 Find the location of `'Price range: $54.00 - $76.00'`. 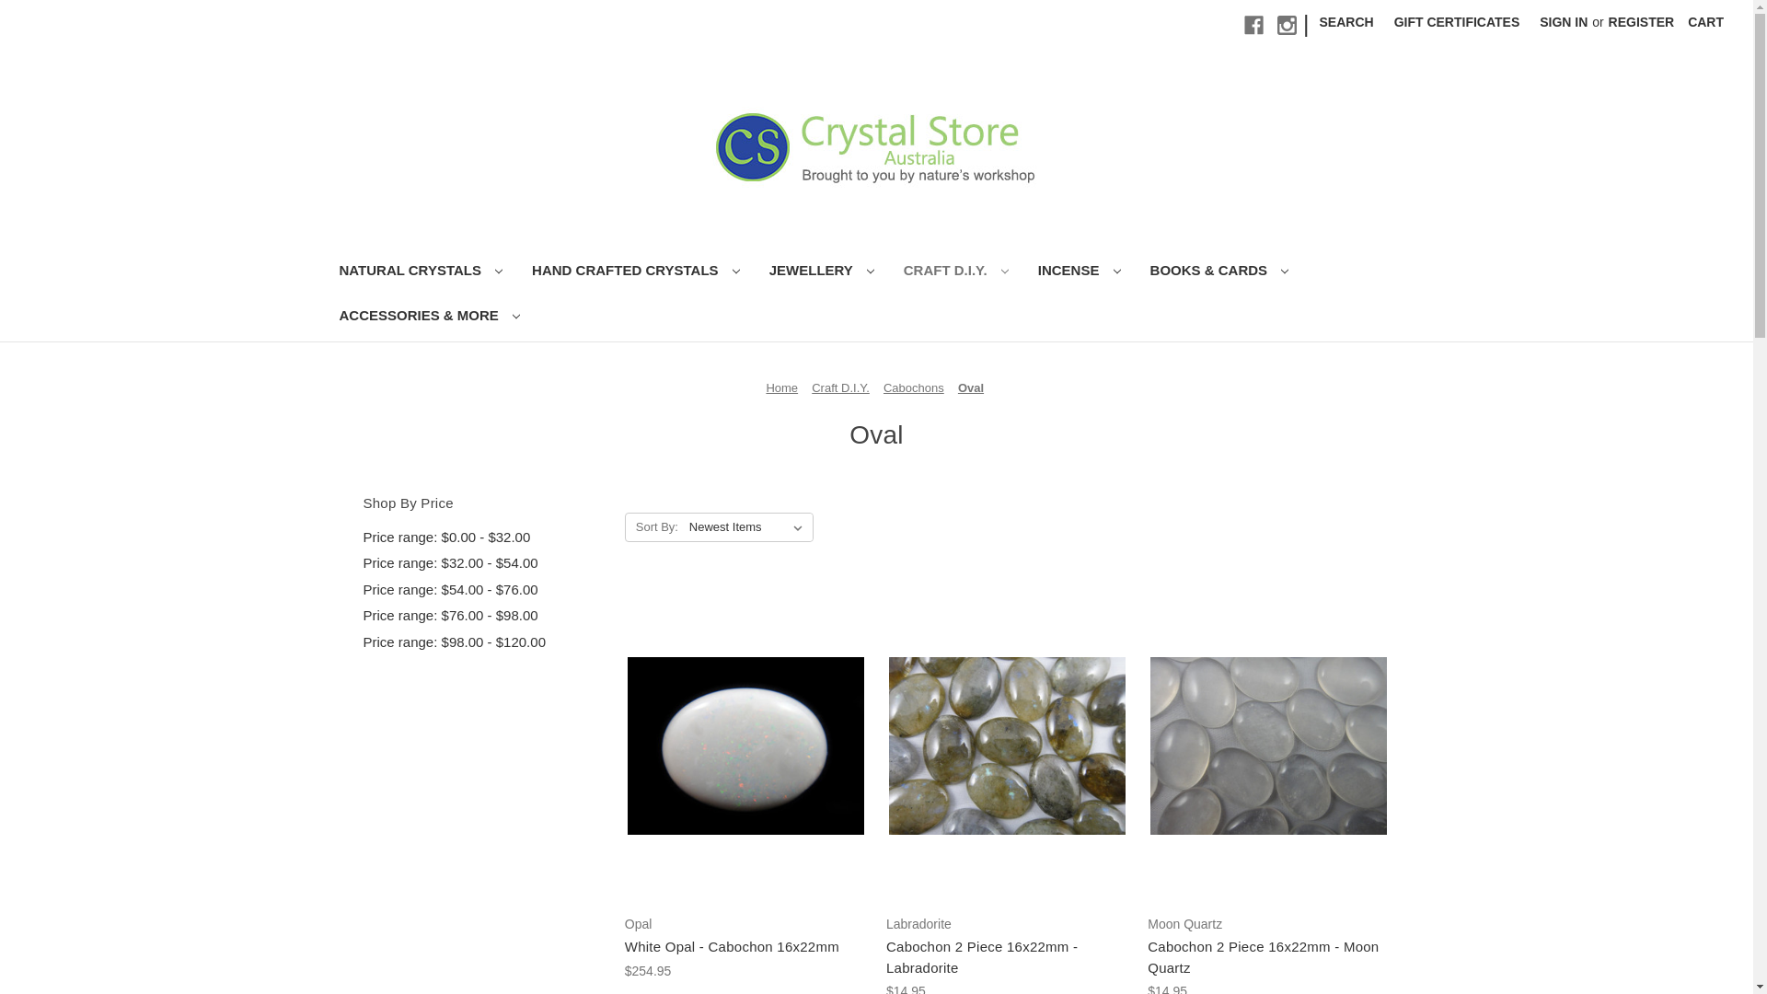

'Price range: $54.00 - $76.00' is located at coordinates (483, 590).